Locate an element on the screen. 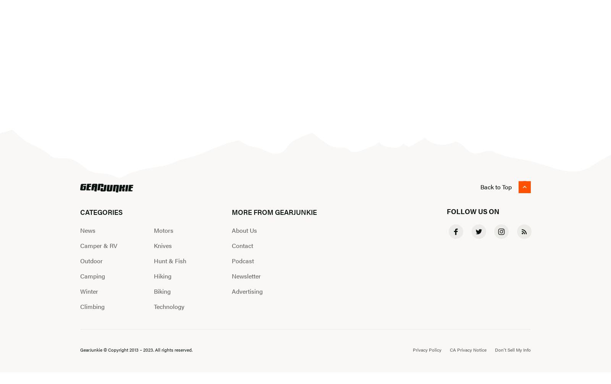 The height and width of the screenshot is (384, 611). 'CA Privacy Notice' is located at coordinates (467, 349).